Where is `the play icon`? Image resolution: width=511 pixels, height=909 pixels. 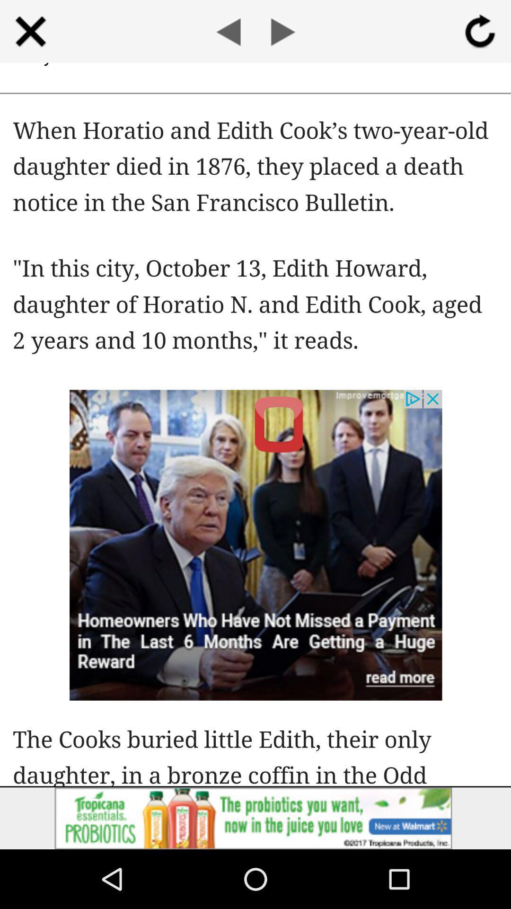 the play icon is located at coordinates (282, 33).